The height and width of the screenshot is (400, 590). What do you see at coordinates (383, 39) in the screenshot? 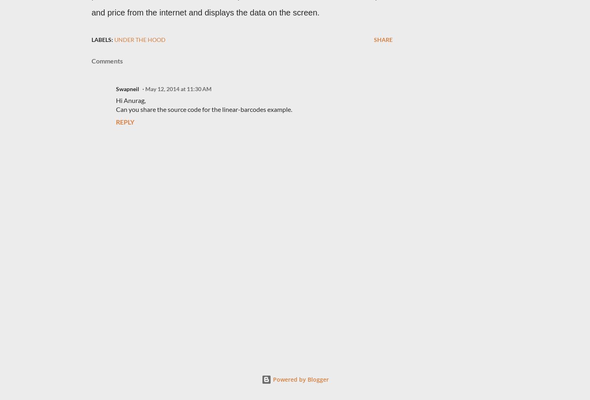
I see `'Share'` at bounding box center [383, 39].